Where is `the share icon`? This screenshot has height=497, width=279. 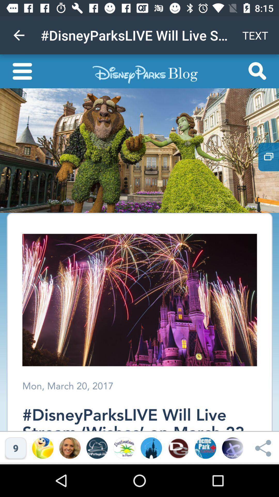
the share icon is located at coordinates (260, 448).